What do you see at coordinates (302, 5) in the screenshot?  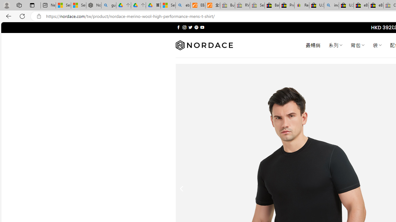 I see `'Register: Create a personal eBay account'` at bounding box center [302, 5].